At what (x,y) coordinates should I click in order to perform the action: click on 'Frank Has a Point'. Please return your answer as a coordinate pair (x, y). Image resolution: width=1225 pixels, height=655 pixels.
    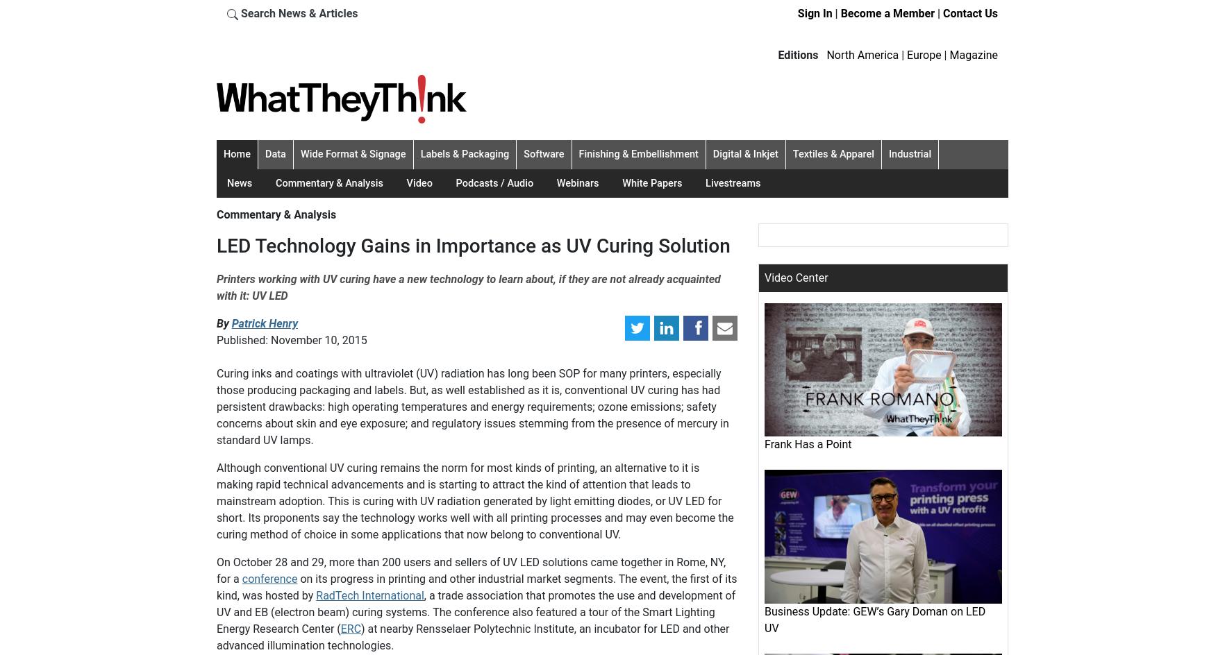
    Looking at the image, I should click on (808, 444).